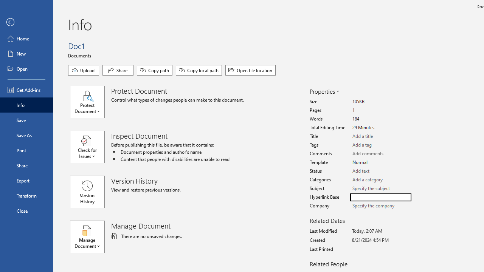 The width and height of the screenshot is (484, 272). What do you see at coordinates (26, 53) in the screenshot?
I see `'New'` at bounding box center [26, 53].